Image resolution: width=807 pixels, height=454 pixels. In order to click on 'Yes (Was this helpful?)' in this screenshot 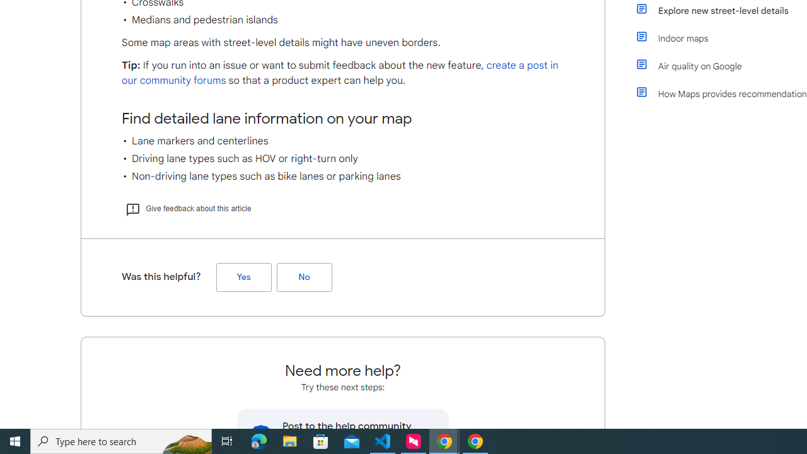, I will do `click(243, 276)`.